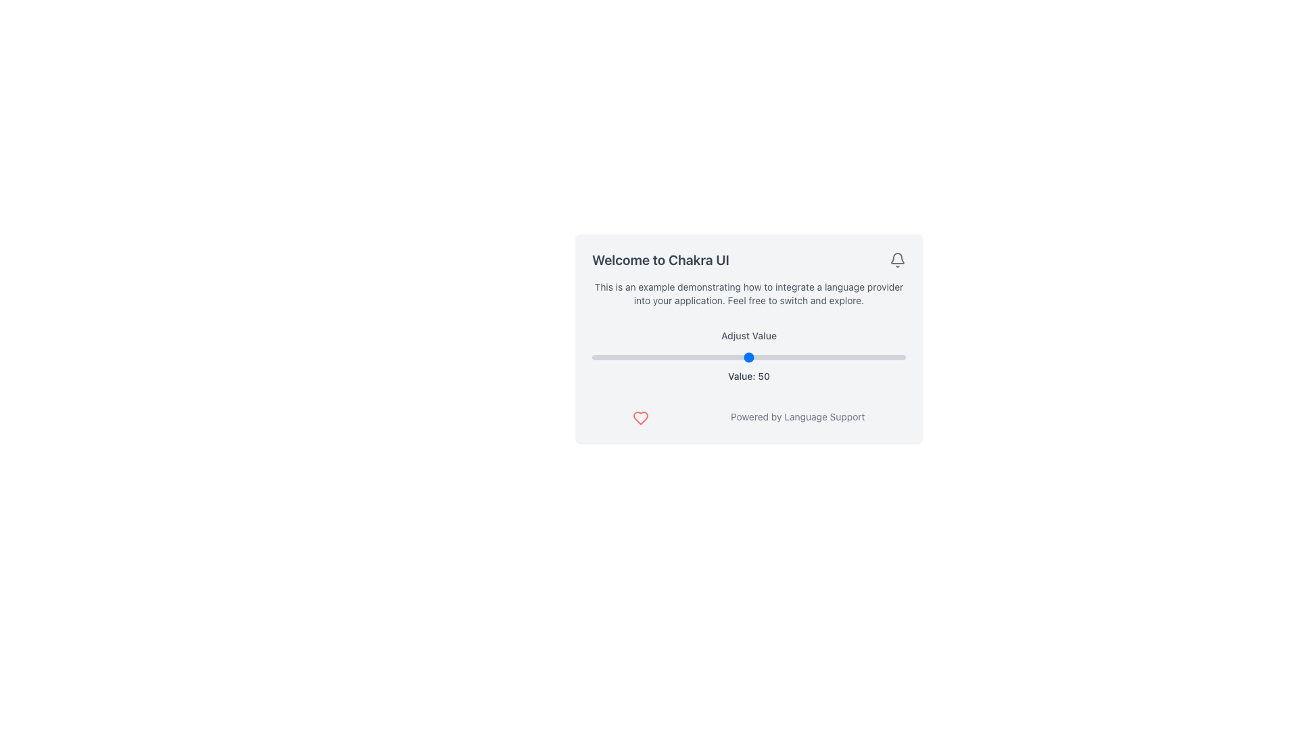 Image resolution: width=1298 pixels, height=730 pixels. What do you see at coordinates (707, 356) in the screenshot?
I see `the adjustment slider` at bounding box center [707, 356].